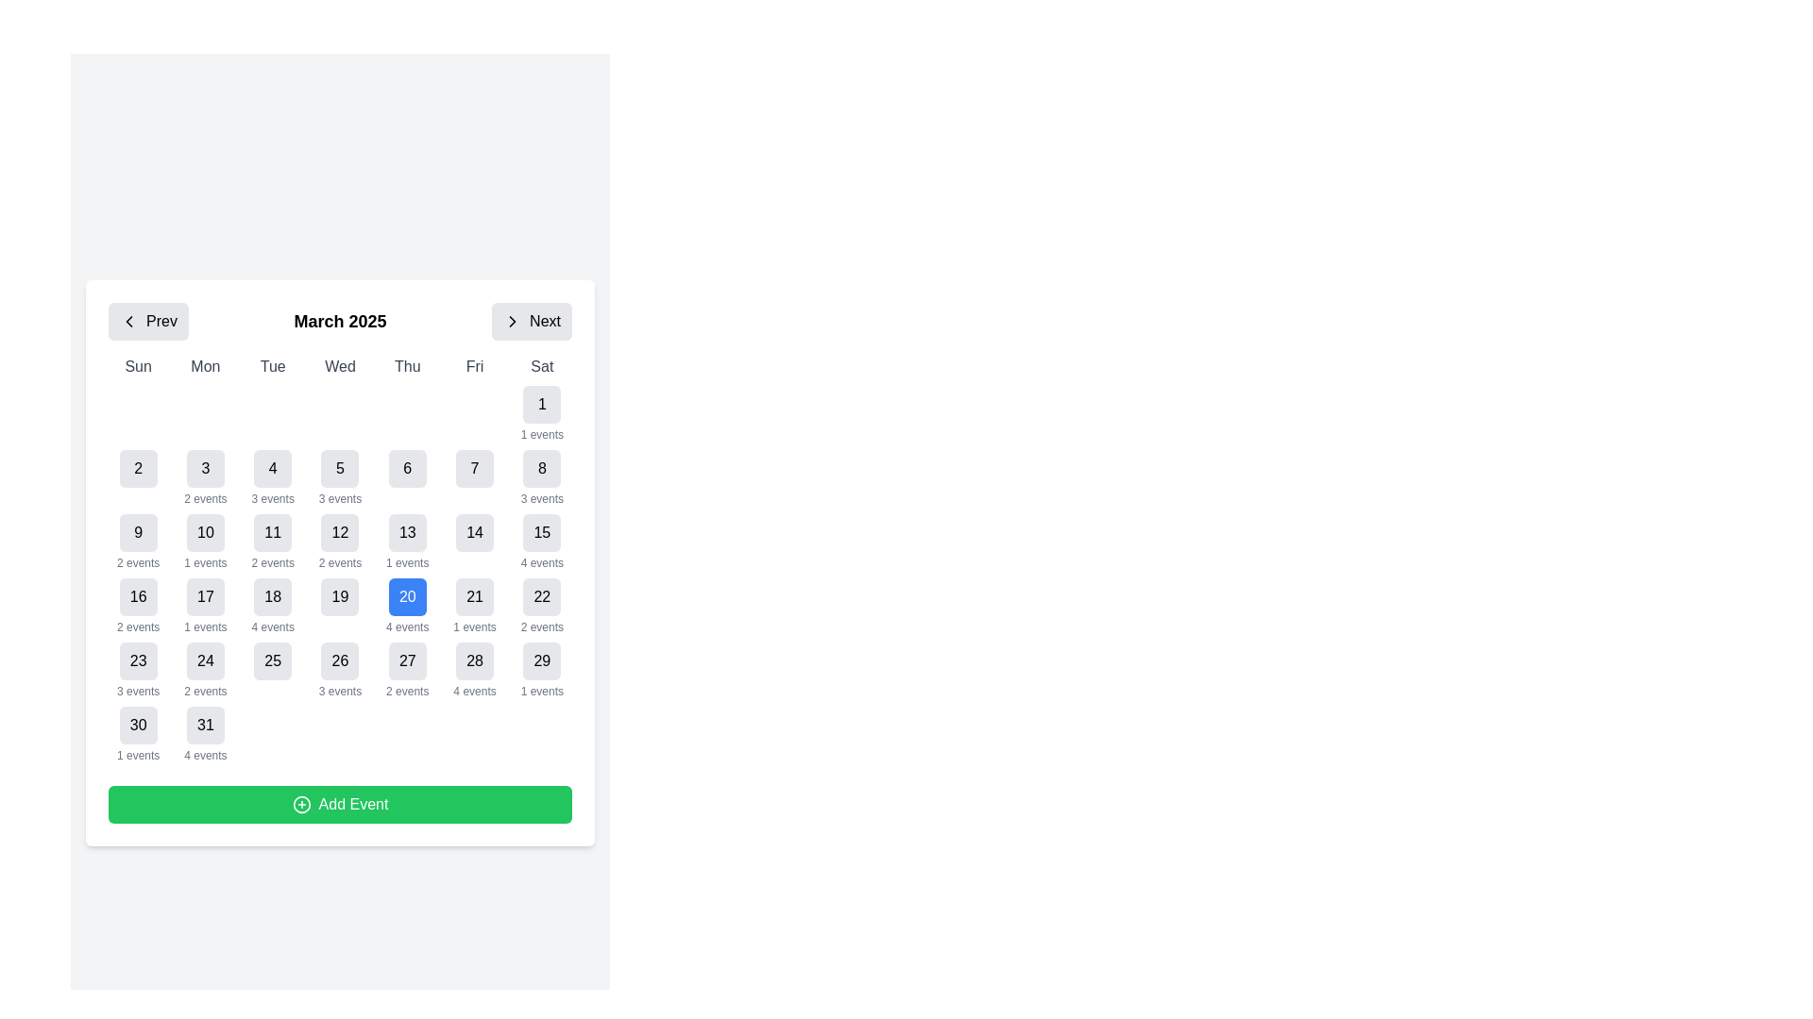  What do you see at coordinates (137, 542) in the screenshot?
I see `the calendar cell representing the 9th of the month, which displays the number '9' and '2 events' below it, located` at bounding box center [137, 542].